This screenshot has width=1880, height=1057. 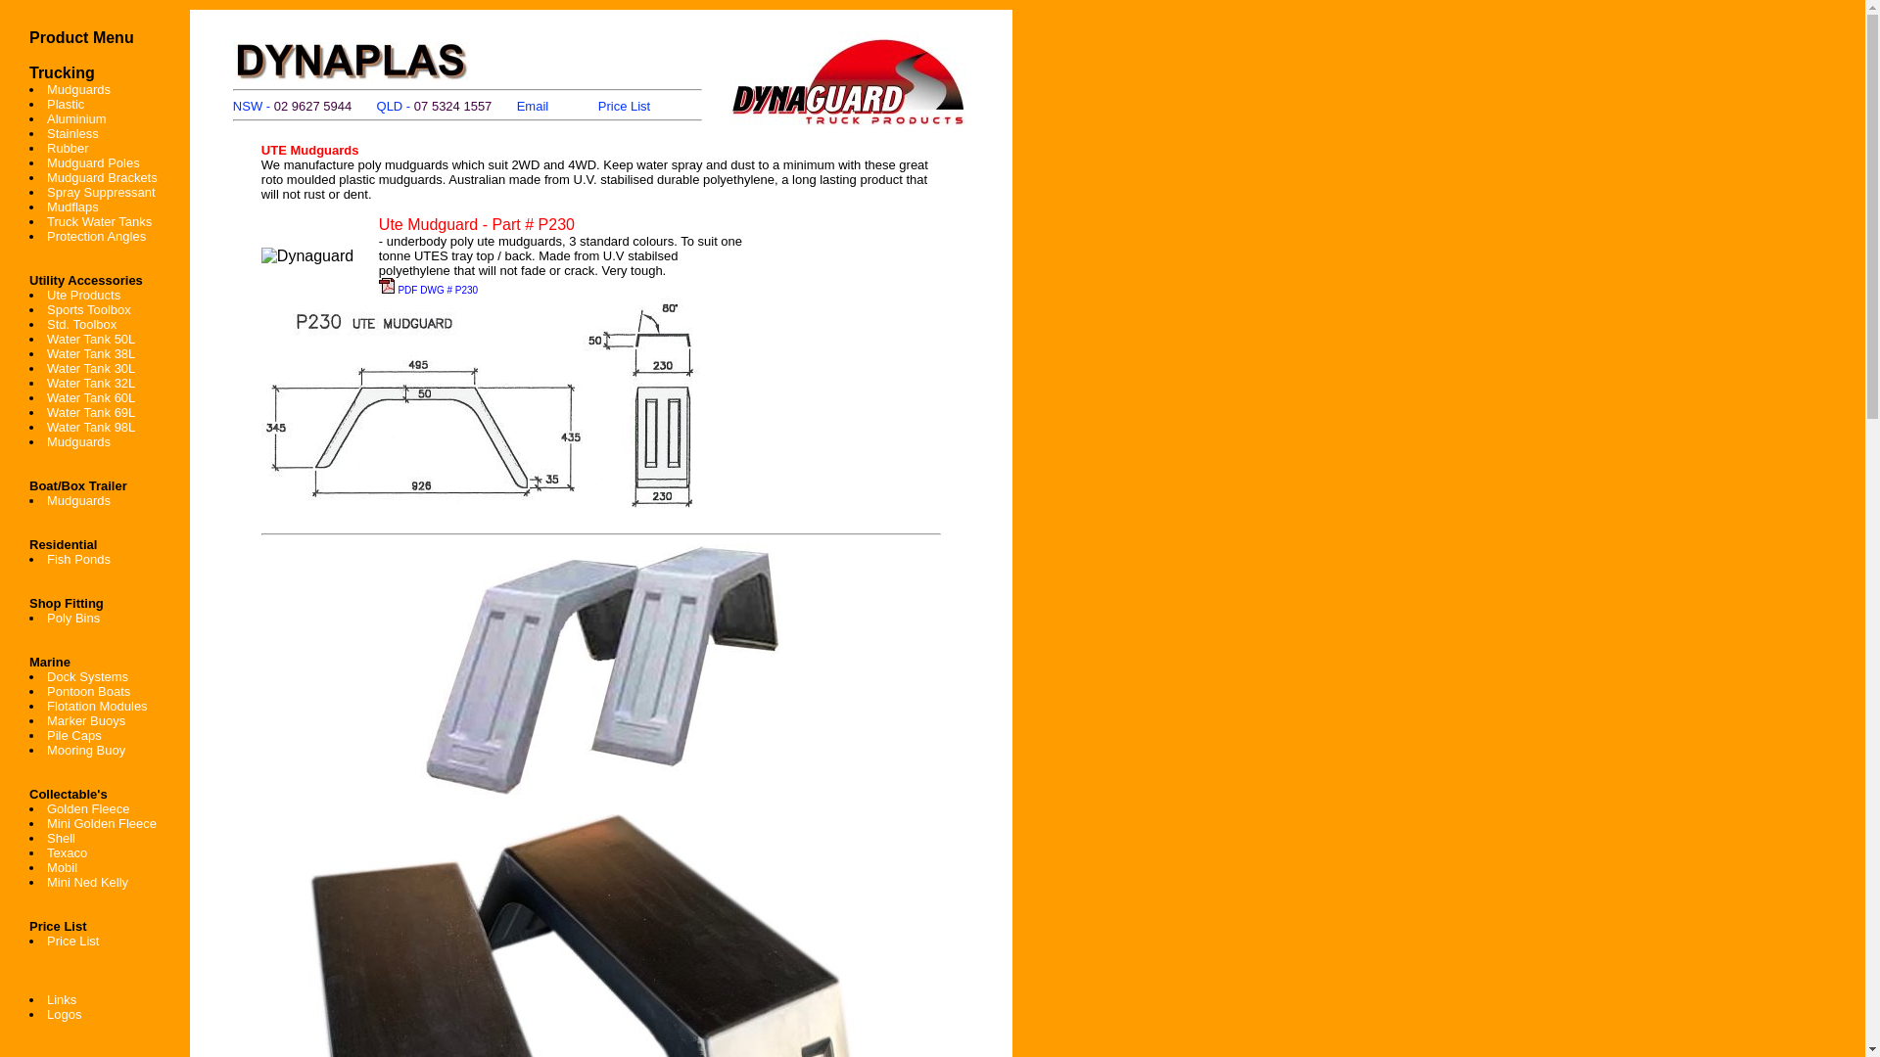 What do you see at coordinates (73, 618) in the screenshot?
I see `'Poly Bins'` at bounding box center [73, 618].